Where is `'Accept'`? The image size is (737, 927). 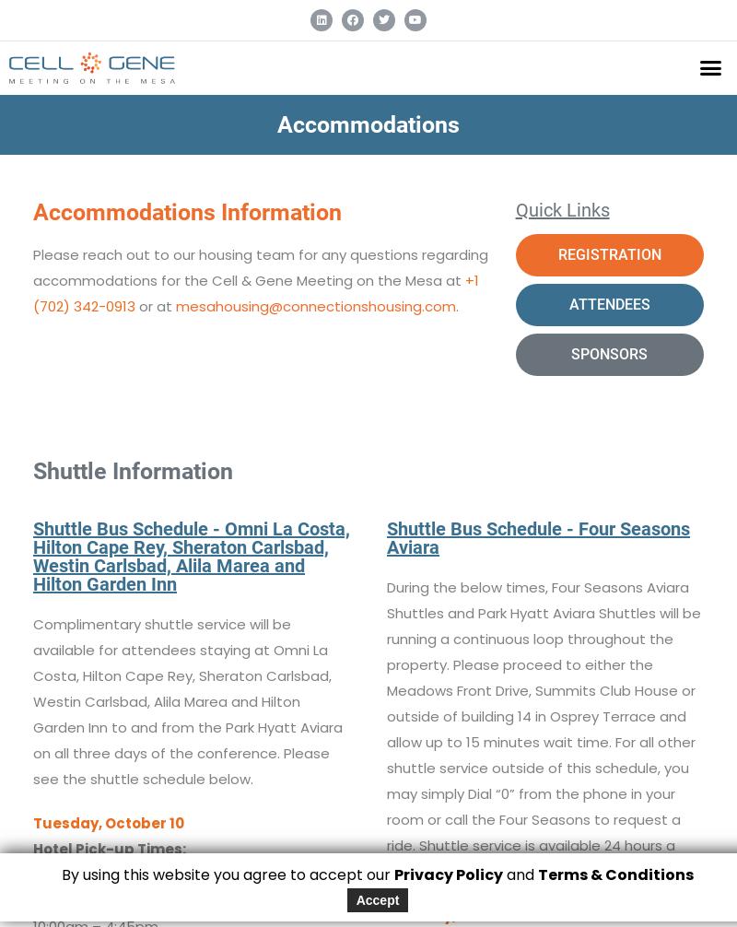 'Accept' is located at coordinates (377, 899).